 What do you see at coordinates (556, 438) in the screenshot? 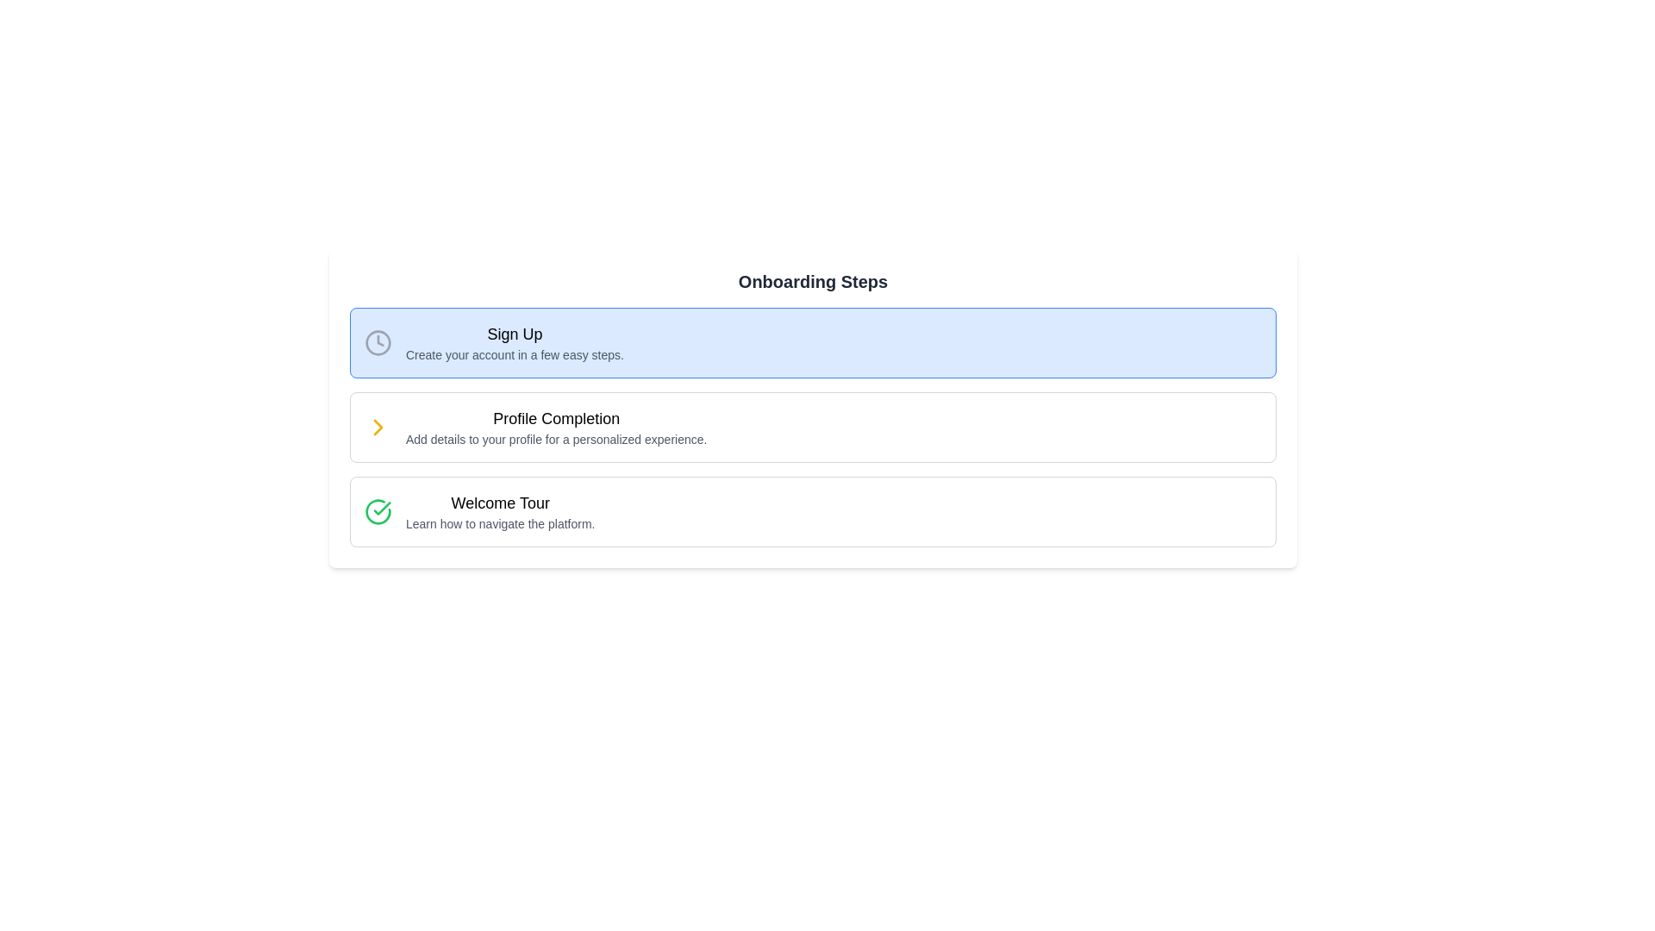
I see `information displayed in the text element that says 'Add details to your profile for a personalized experience.' located below the 'Profile Completion' header in the onboarding steps` at bounding box center [556, 438].